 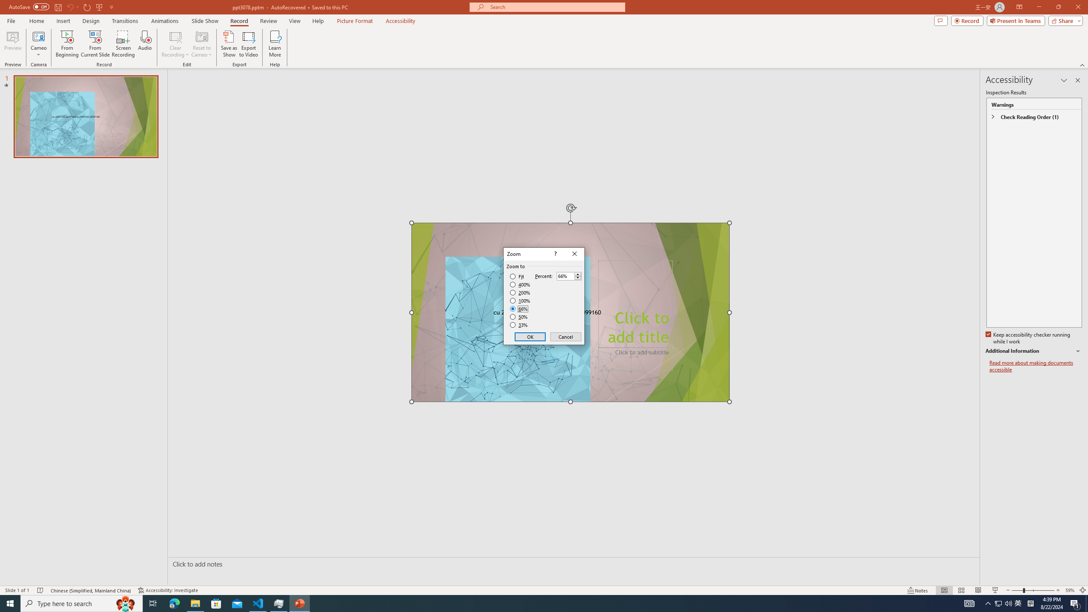 I want to click on 'File Explorer - 1 running window', so click(x=195, y=603).